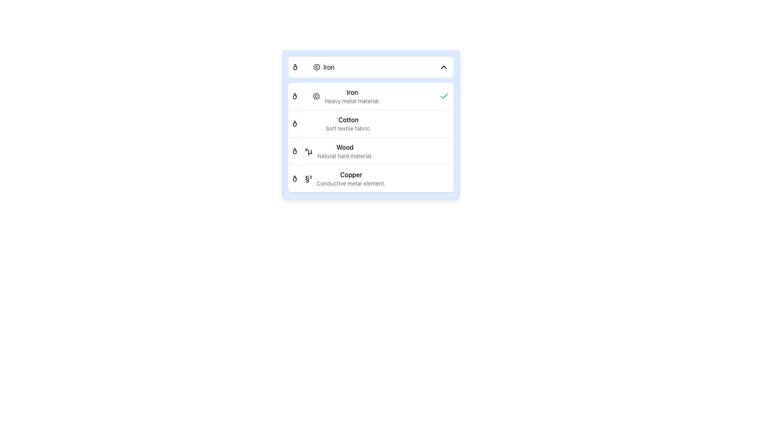 This screenshot has width=765, height=430. I want to click on the descriptive text element positioned directly below the list item 'Cotton', so click(348, 128).